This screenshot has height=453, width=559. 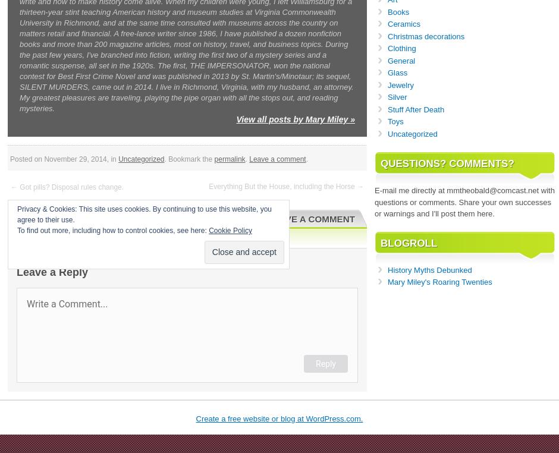 I want to click on 'Glass', so click(x=397, y=73).